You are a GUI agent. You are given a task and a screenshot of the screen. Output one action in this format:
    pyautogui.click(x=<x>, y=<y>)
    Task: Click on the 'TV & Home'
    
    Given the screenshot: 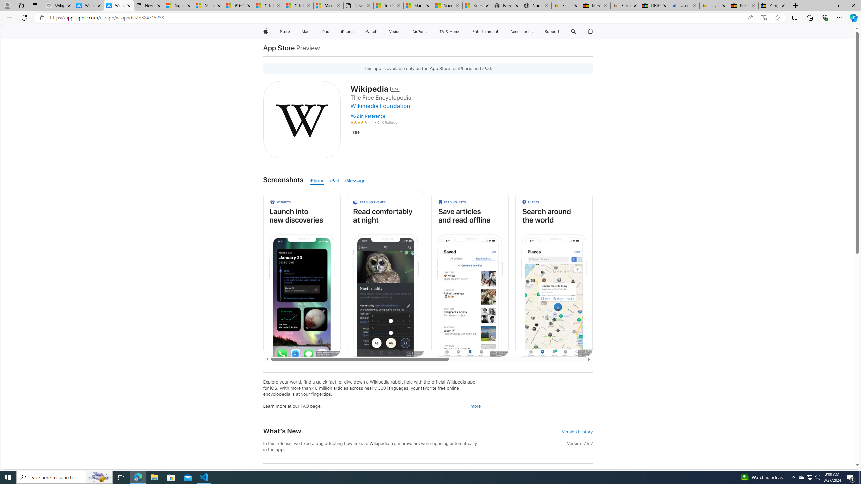 What is the action you would take?
    pyautogui.click(x=449, y=31)
    